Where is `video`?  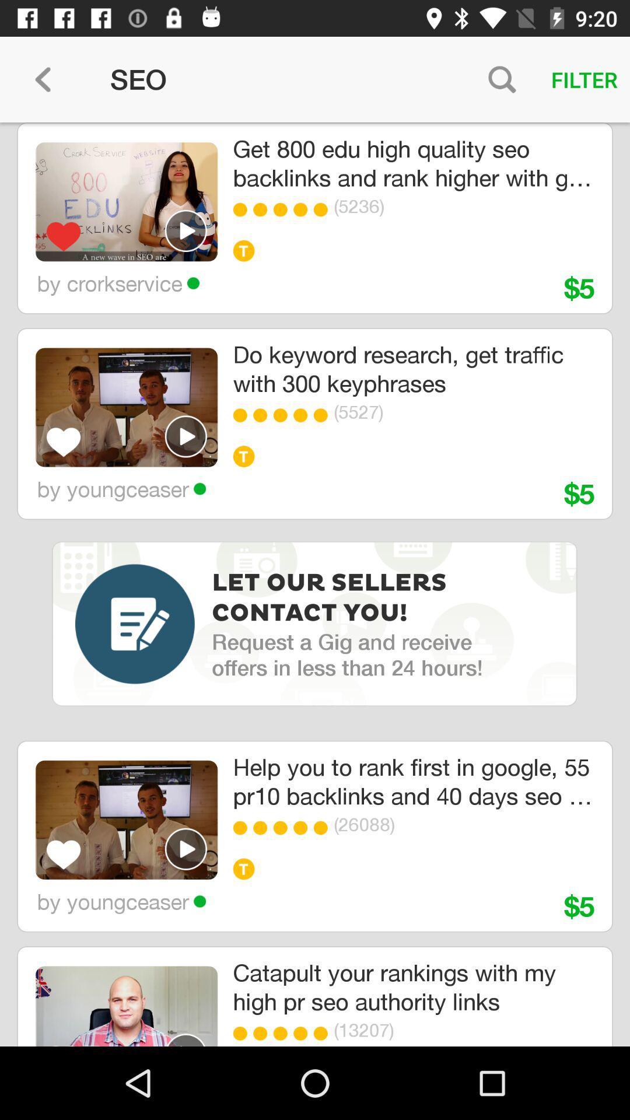
video is located at coordinates (185, 848).